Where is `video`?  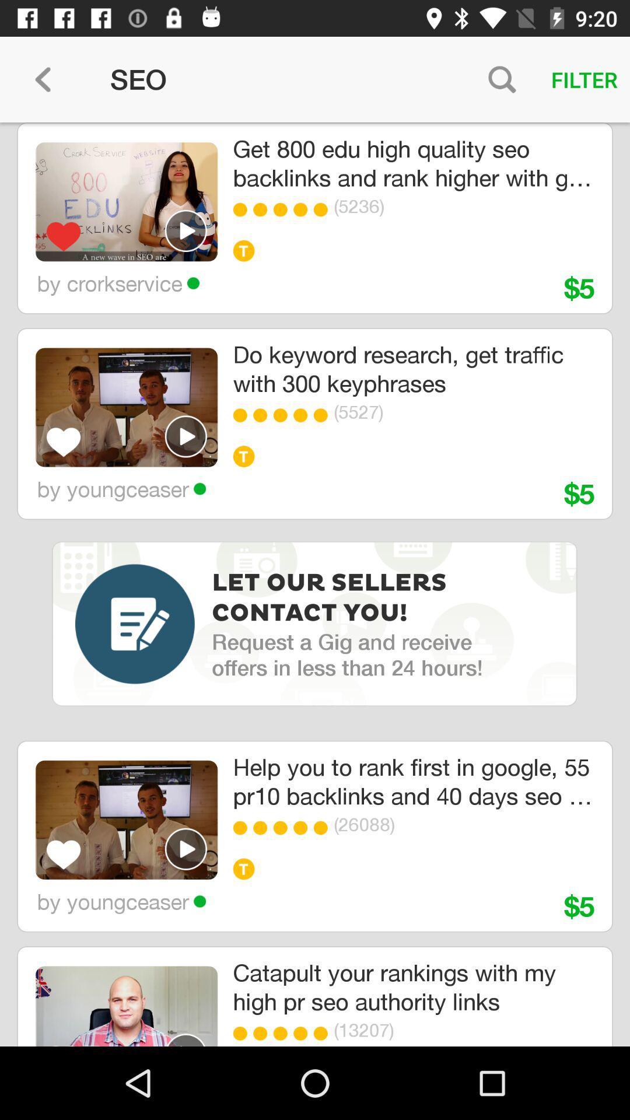
video is located at coordinates (185, 848).